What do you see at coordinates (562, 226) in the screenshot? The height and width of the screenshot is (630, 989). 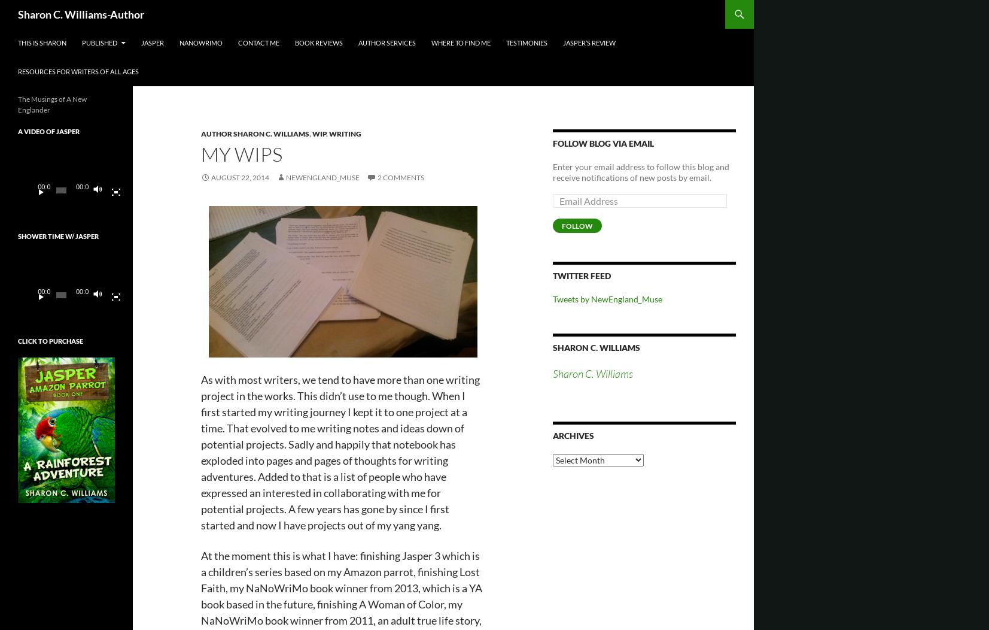 I see `'Follow'` at bounding box center [562, 226].